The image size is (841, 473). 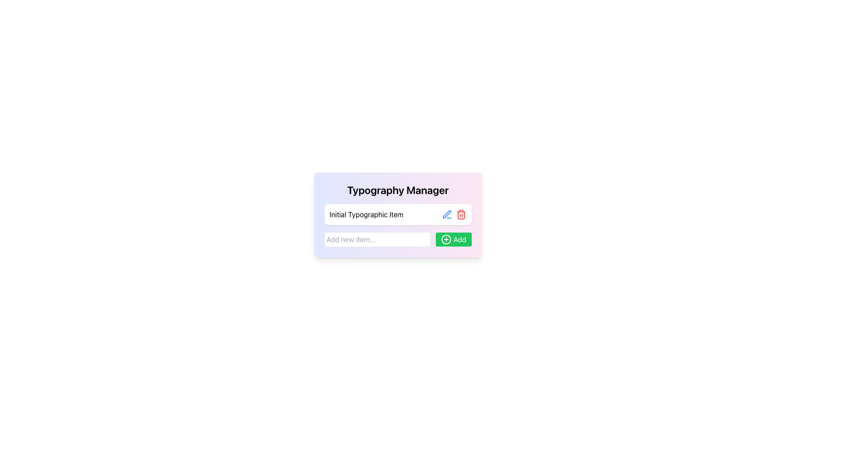 What do you see at coordinates (446, 214) in the screenshot?
I see `the pen-shaped icon located next to the text field labeled 'Initial Typographic Item'` at bounding box center [446, 214].